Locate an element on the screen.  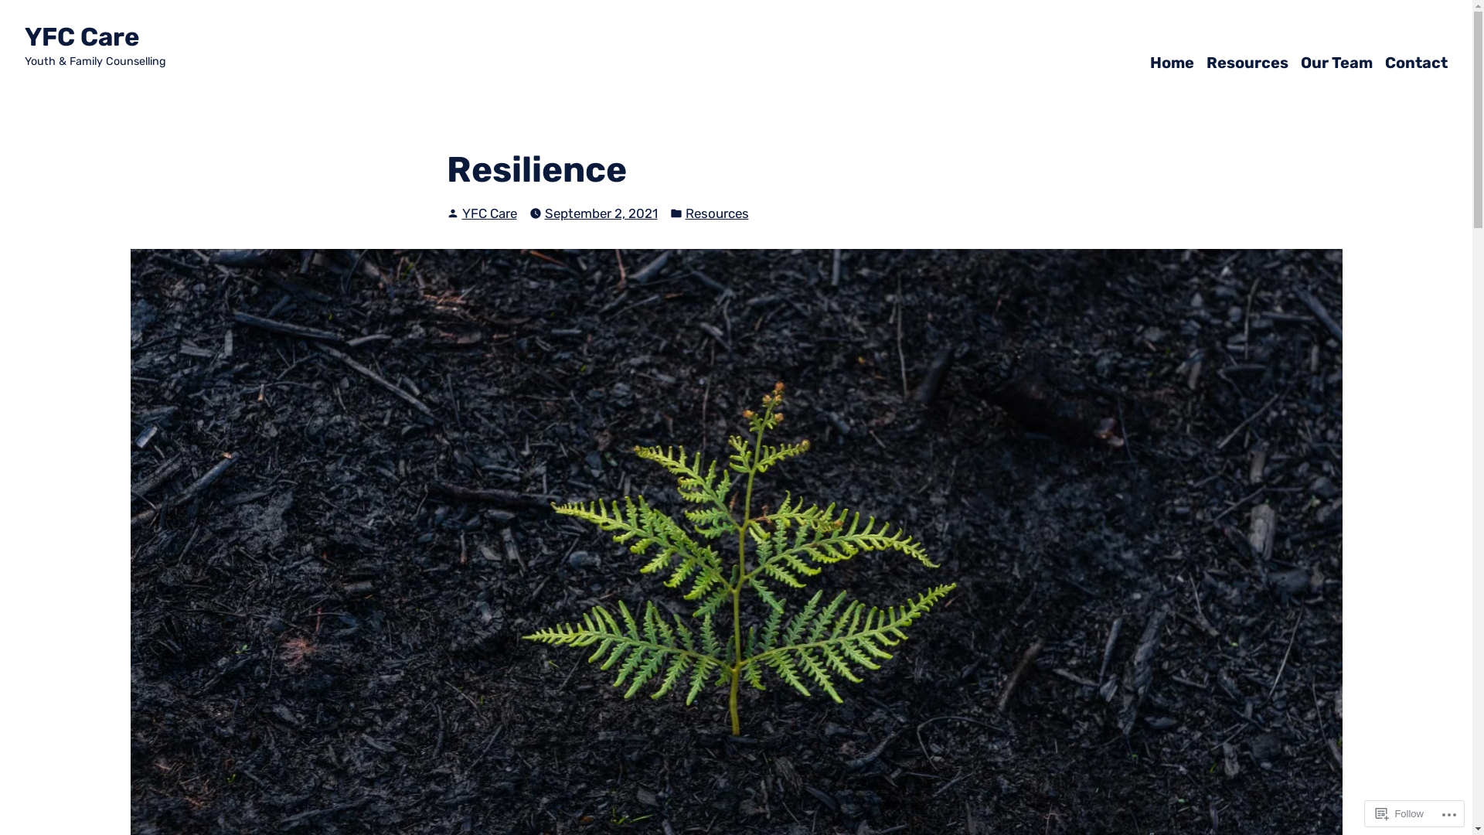
'September 2, 2021' is located at coordinates (600, 213).